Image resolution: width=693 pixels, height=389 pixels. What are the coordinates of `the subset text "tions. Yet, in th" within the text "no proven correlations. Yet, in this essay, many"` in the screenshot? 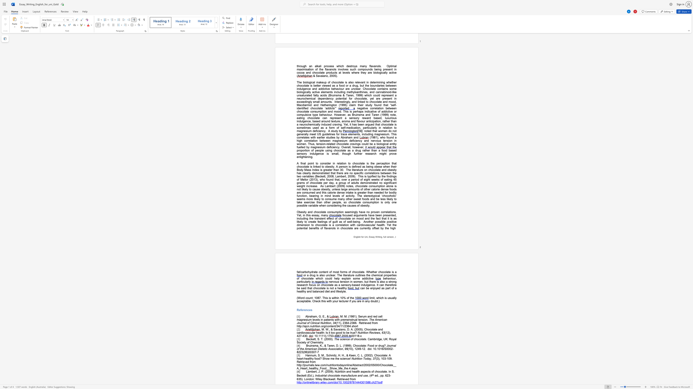 It's located at (390, 212).